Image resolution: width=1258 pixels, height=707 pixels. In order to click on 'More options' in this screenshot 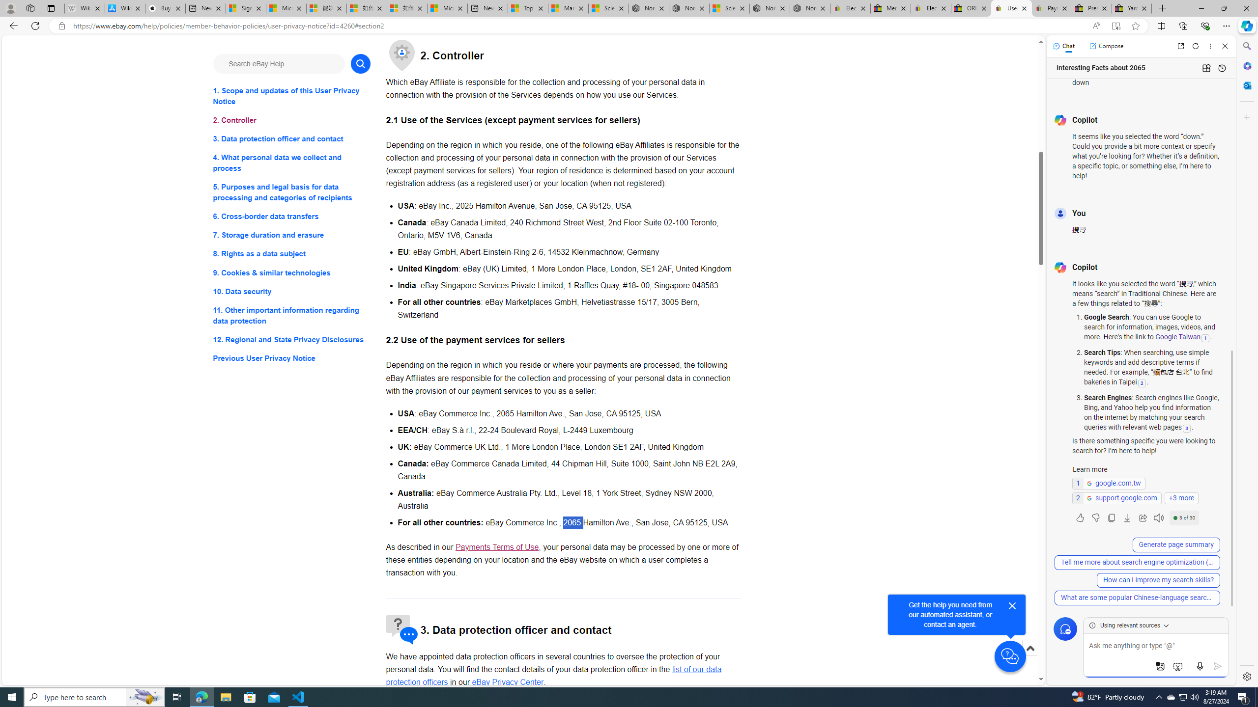, I will do `click(1210, 46)`.